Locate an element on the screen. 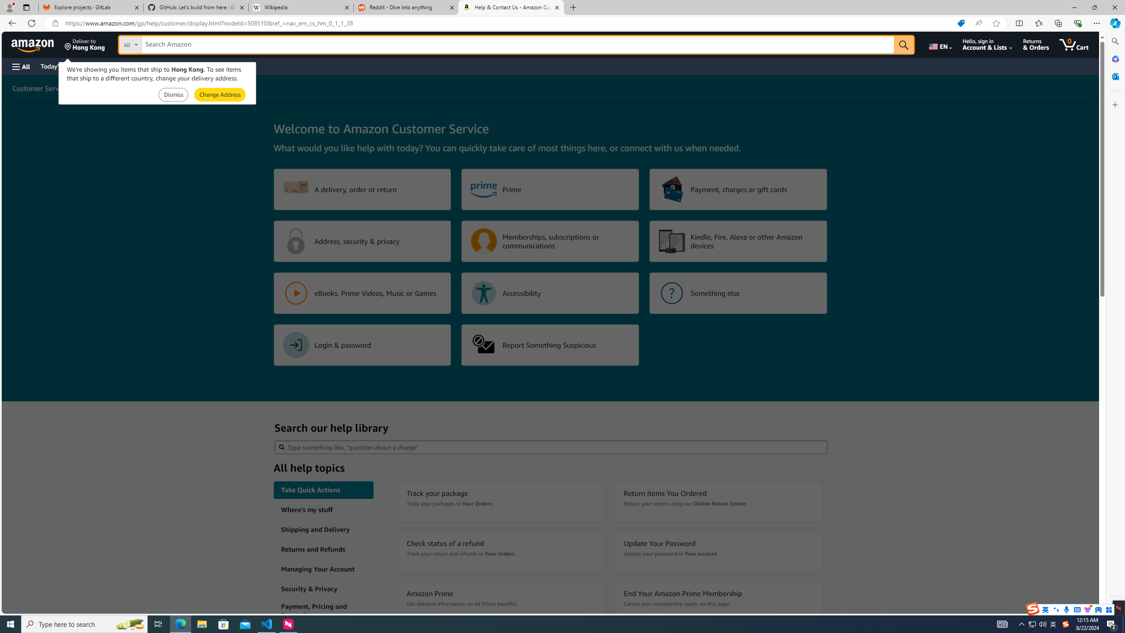  'Skip to main content' is located at coordinates (37, 44).